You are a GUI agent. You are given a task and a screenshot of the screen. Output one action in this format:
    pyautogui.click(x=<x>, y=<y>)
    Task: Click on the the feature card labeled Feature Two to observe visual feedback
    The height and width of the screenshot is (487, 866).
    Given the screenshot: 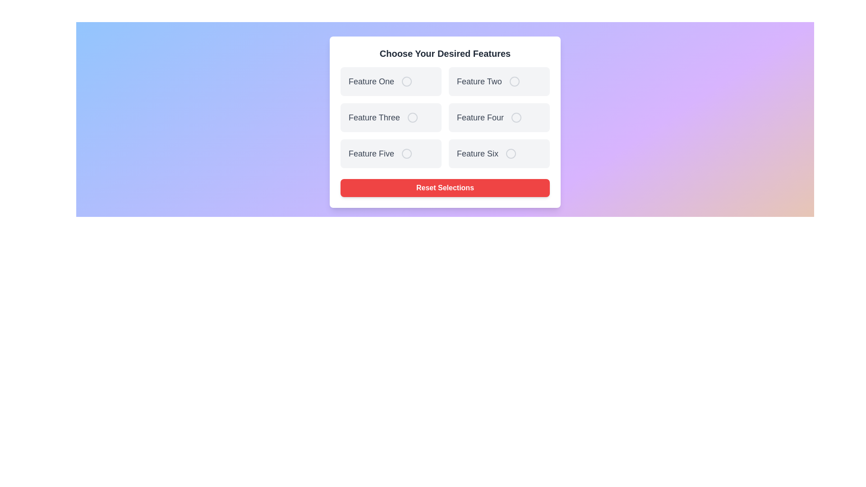 What is the action you would take?
    pyautogui.click(x=499, y=82)
    